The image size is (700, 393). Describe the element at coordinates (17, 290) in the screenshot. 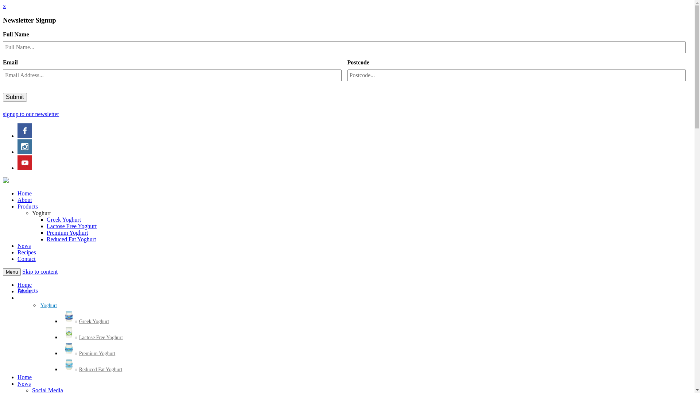

I see `'Products'` at that location.